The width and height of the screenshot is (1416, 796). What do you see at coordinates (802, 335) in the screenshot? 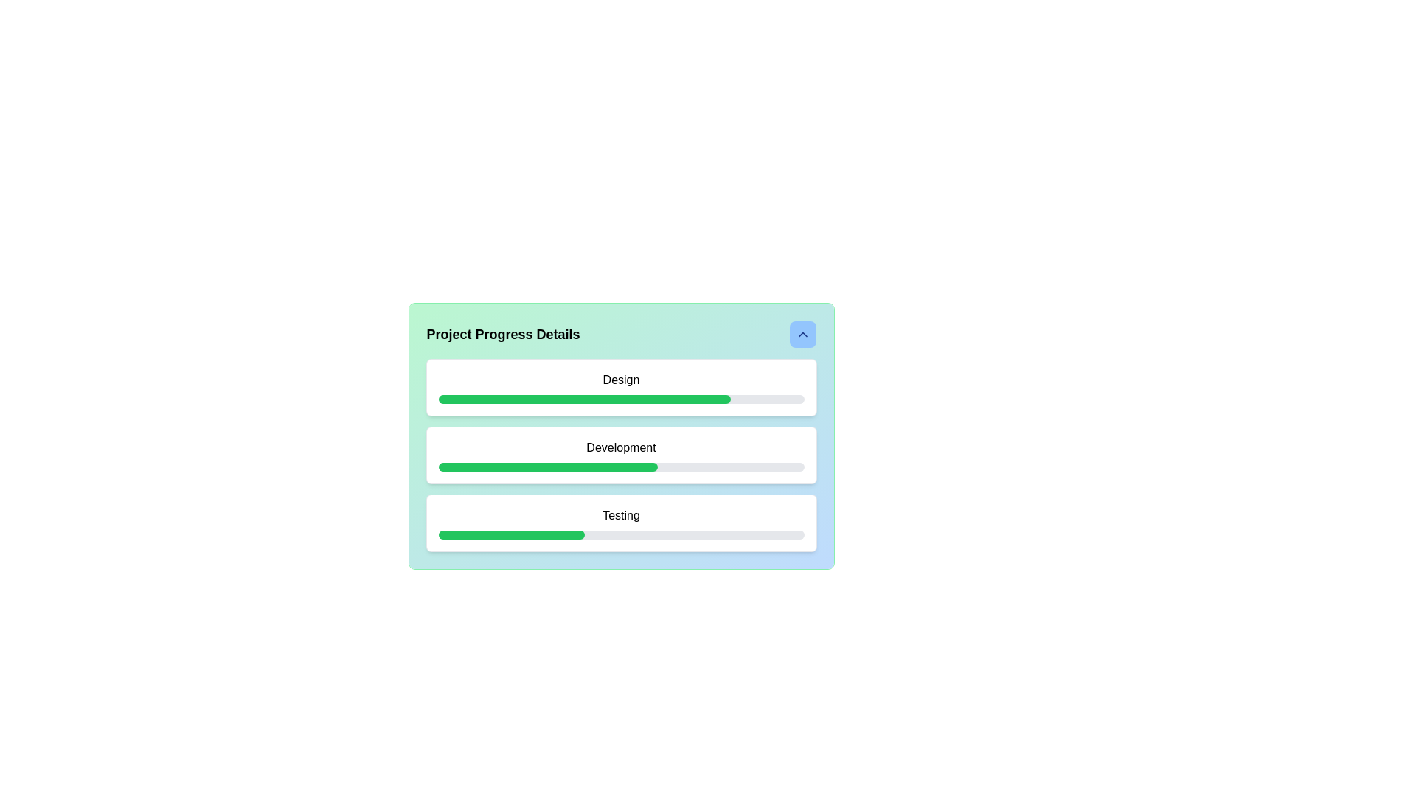
I see `the Chevron icon in the top-right corner of the 'Project Progress Details' section` at bounding box center [802, 335].